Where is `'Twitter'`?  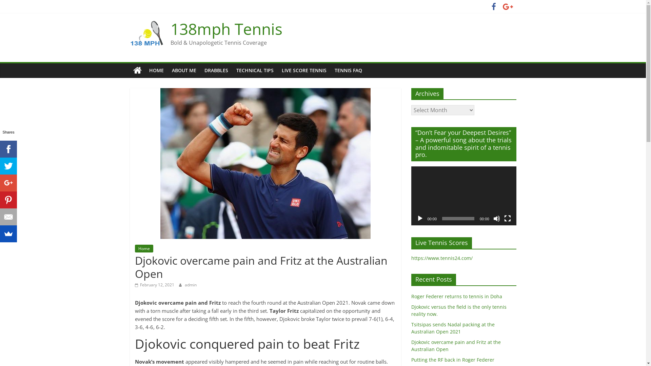
'Twitter' is located at coordinates (8, 166).